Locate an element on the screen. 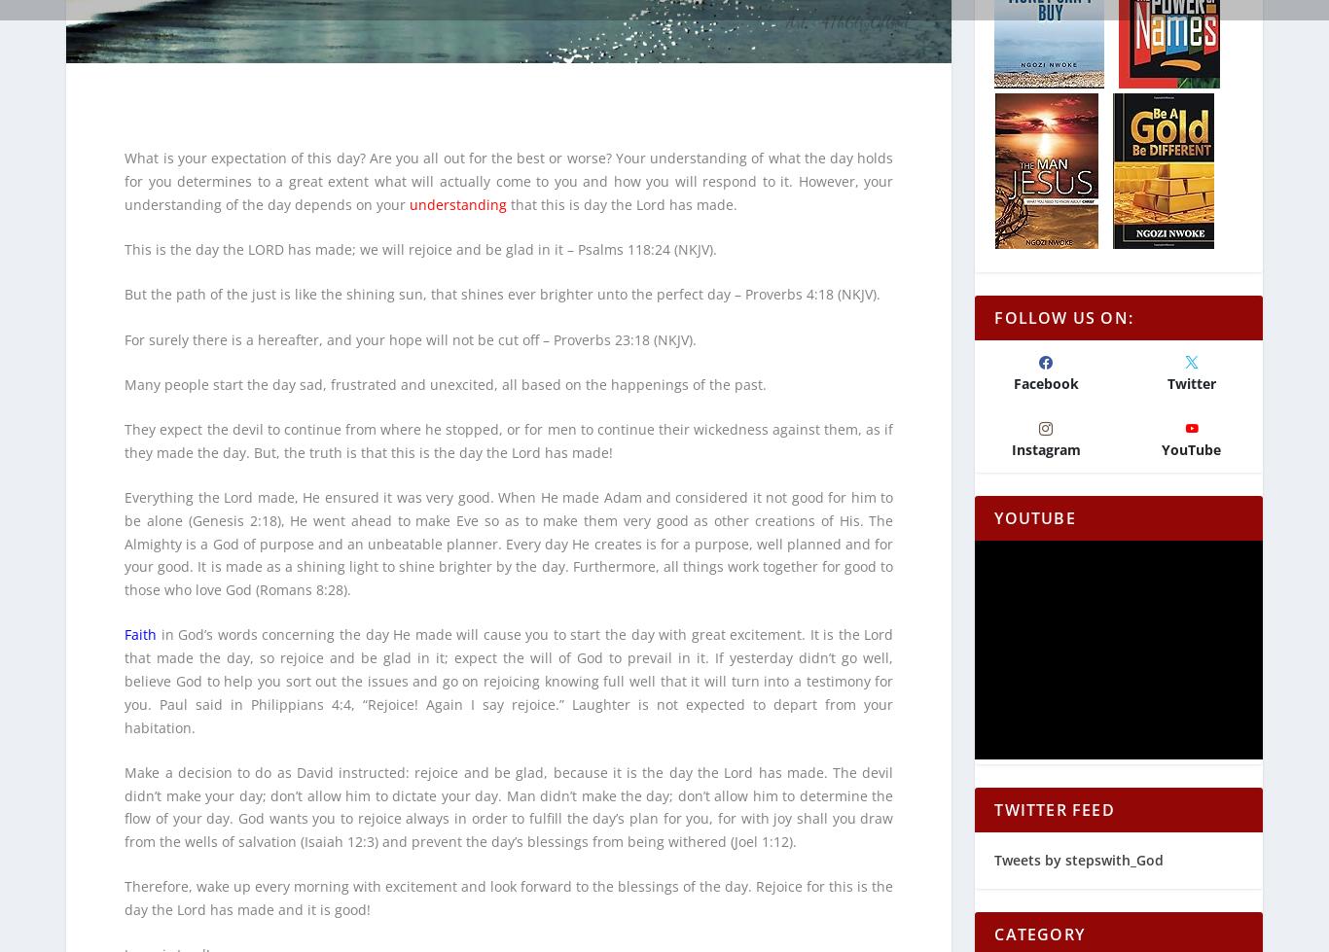 The height and width of the screenshot is (952, 1329). 'understanding' is located at coordinates (457, 192).